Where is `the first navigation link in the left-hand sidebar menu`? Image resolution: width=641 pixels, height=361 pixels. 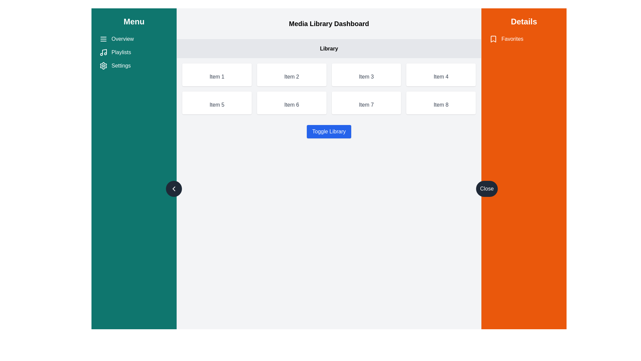 the first navigation link in the left-hand sidebar menu is located at coordinates (134, 39).